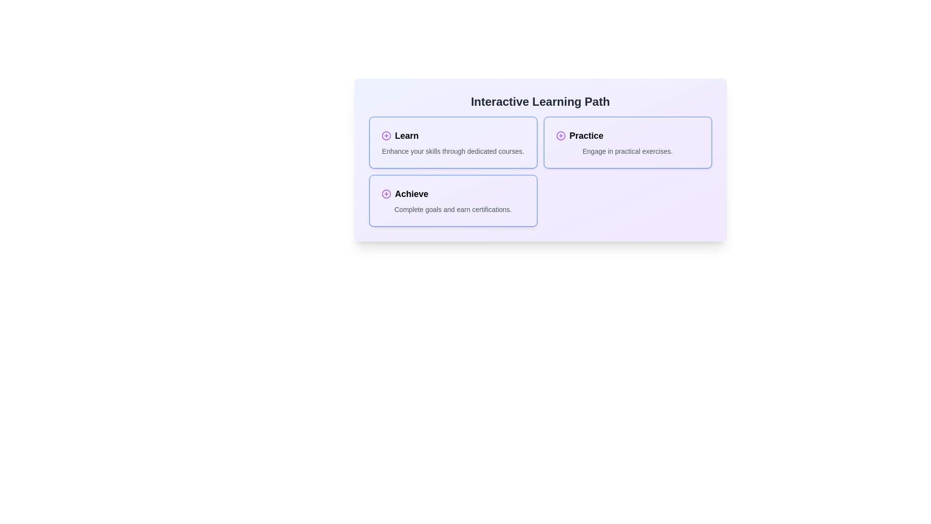 This screenshot has height=524, width=931. Describe the element at coordinates (407, 136) in the screenshot. I see `text of the title label located at the top of the first card in the grid layout, which serves as a descriptor for the card's content` at that location.